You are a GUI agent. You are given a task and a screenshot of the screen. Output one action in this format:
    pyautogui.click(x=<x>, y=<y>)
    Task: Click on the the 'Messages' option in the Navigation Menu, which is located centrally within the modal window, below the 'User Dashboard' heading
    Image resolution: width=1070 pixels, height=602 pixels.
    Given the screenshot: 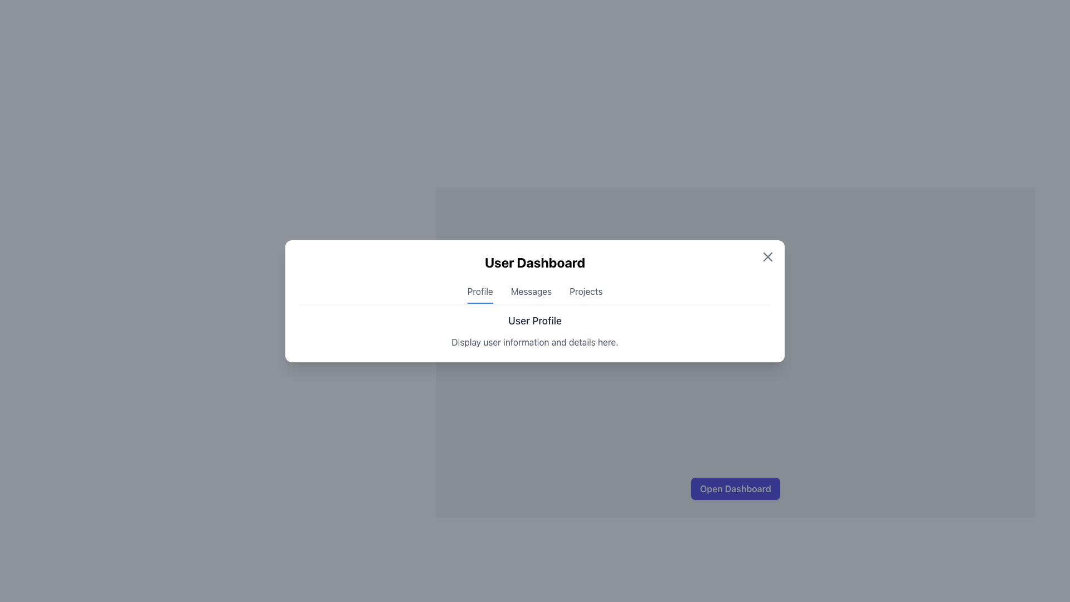 What is the action you would take?
    pyautogui.click(x=535, y=293)
    